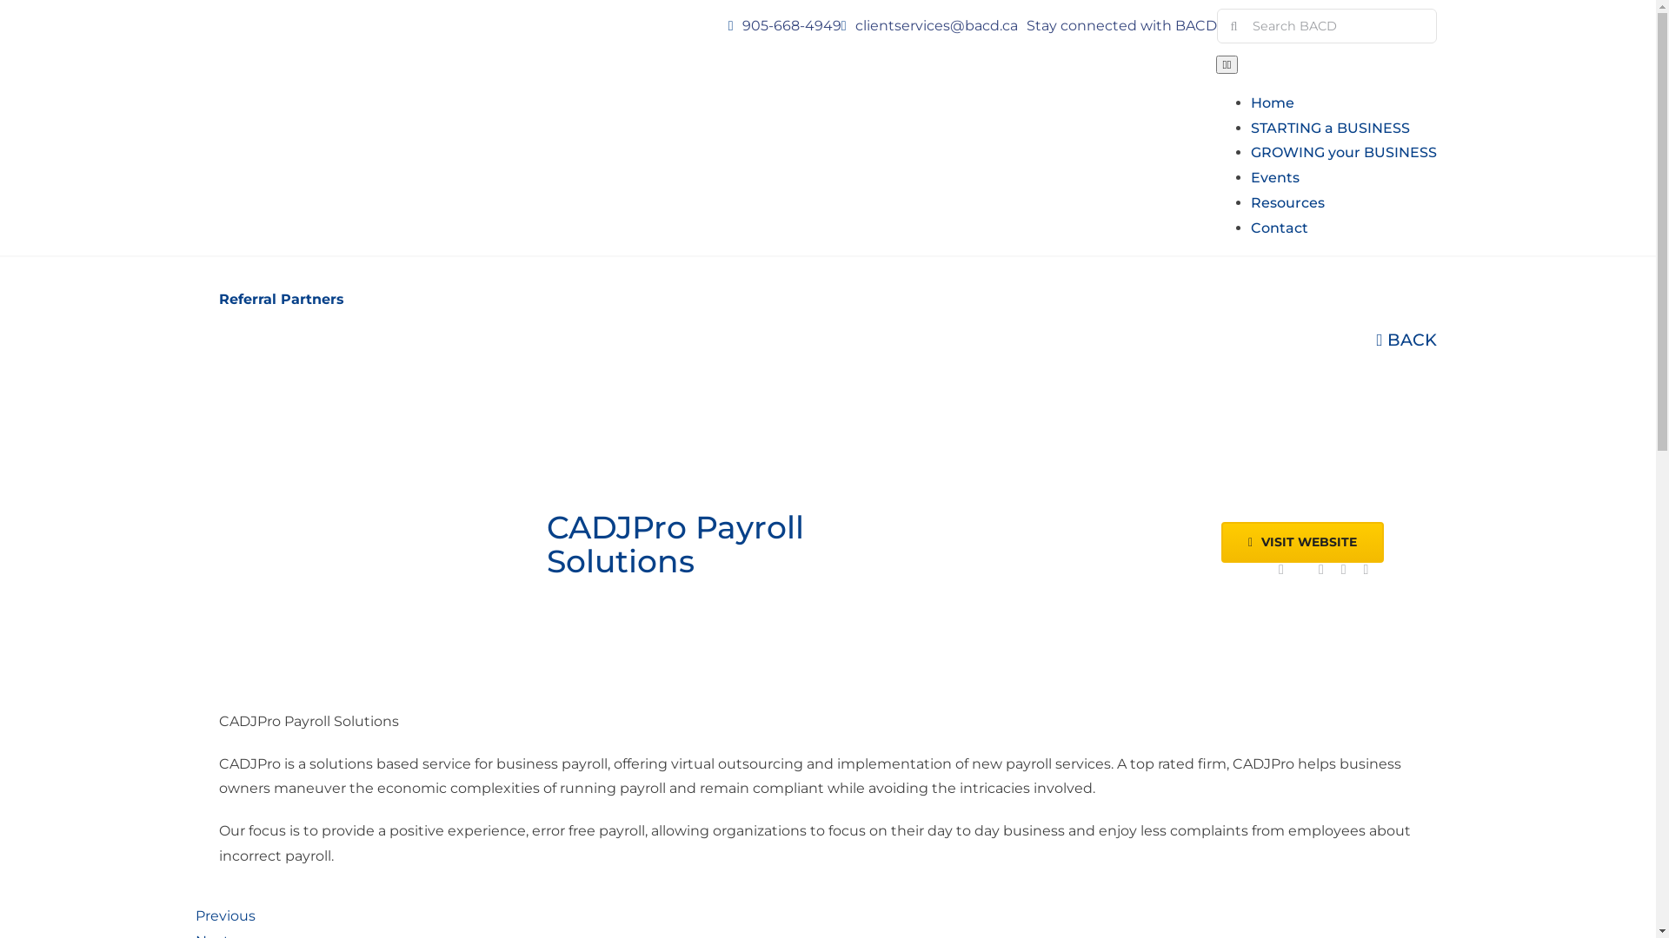  What do you see at coordinates (1280, 227) in the screenshot?
I see `'Contact'` at bounding box center [1280, 227].